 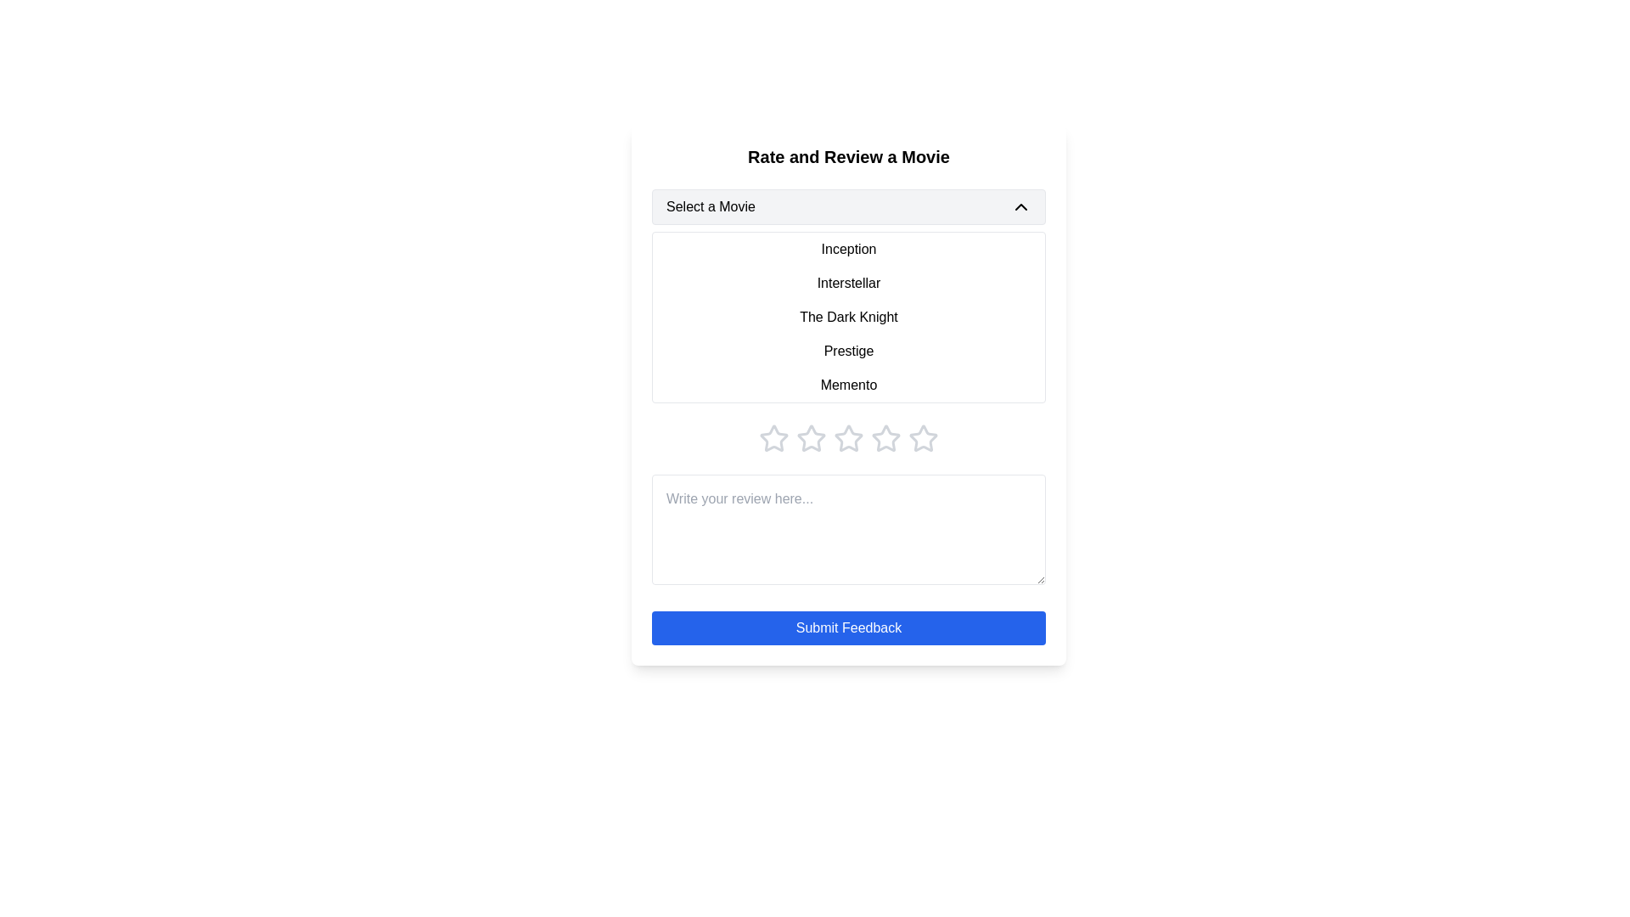 I want to click on the text item displaying 'The Dark Knight' in the list view, which is the third item below 'Interstellar' and above 'Prestige', so click(x=848, y=318).